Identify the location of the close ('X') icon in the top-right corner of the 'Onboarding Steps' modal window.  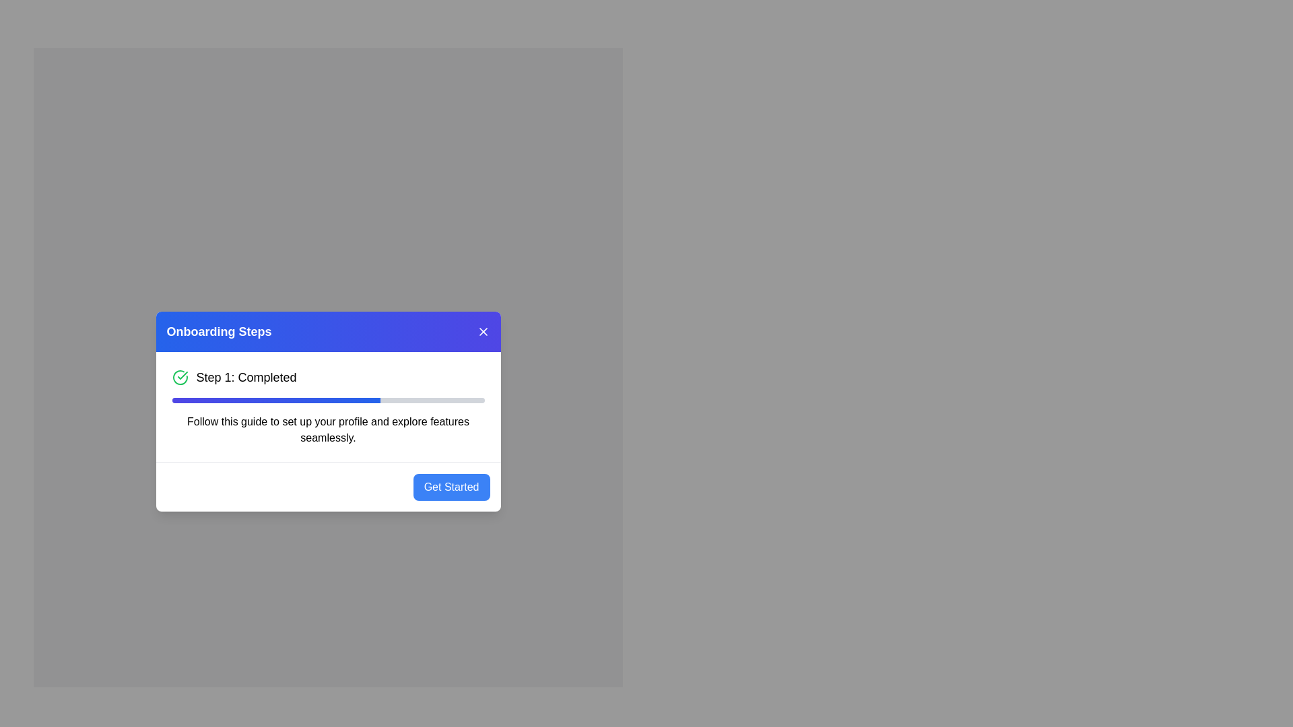
(483, 331).